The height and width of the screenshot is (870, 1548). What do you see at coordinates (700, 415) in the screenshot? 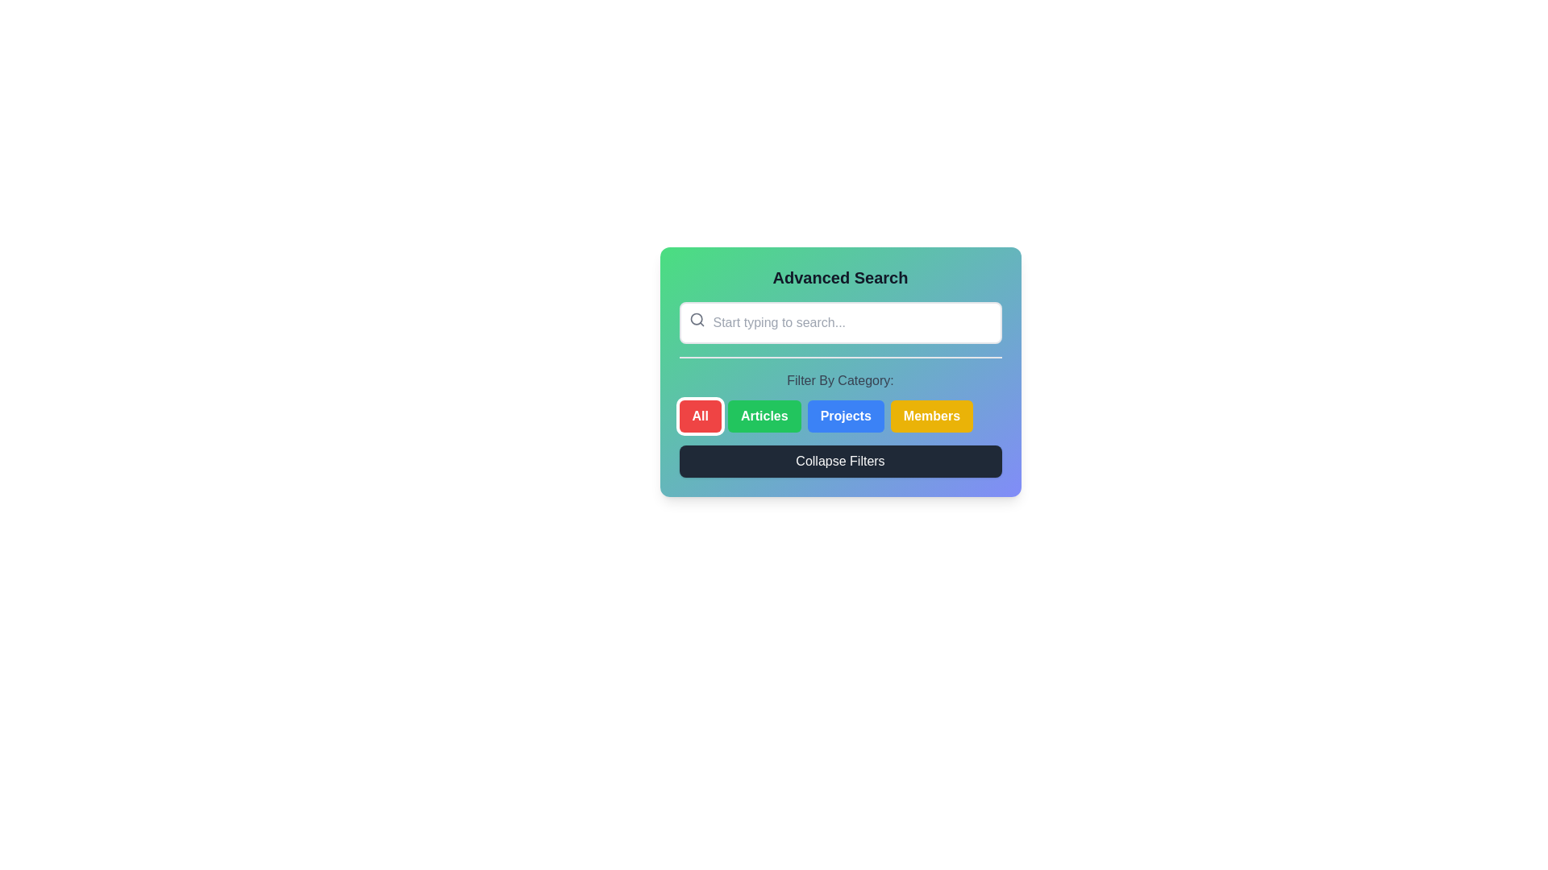
I see `the leftmost button used to select the 'All' filter option, located below the 'Filter By Category' label` at bounding box center [700, 415].